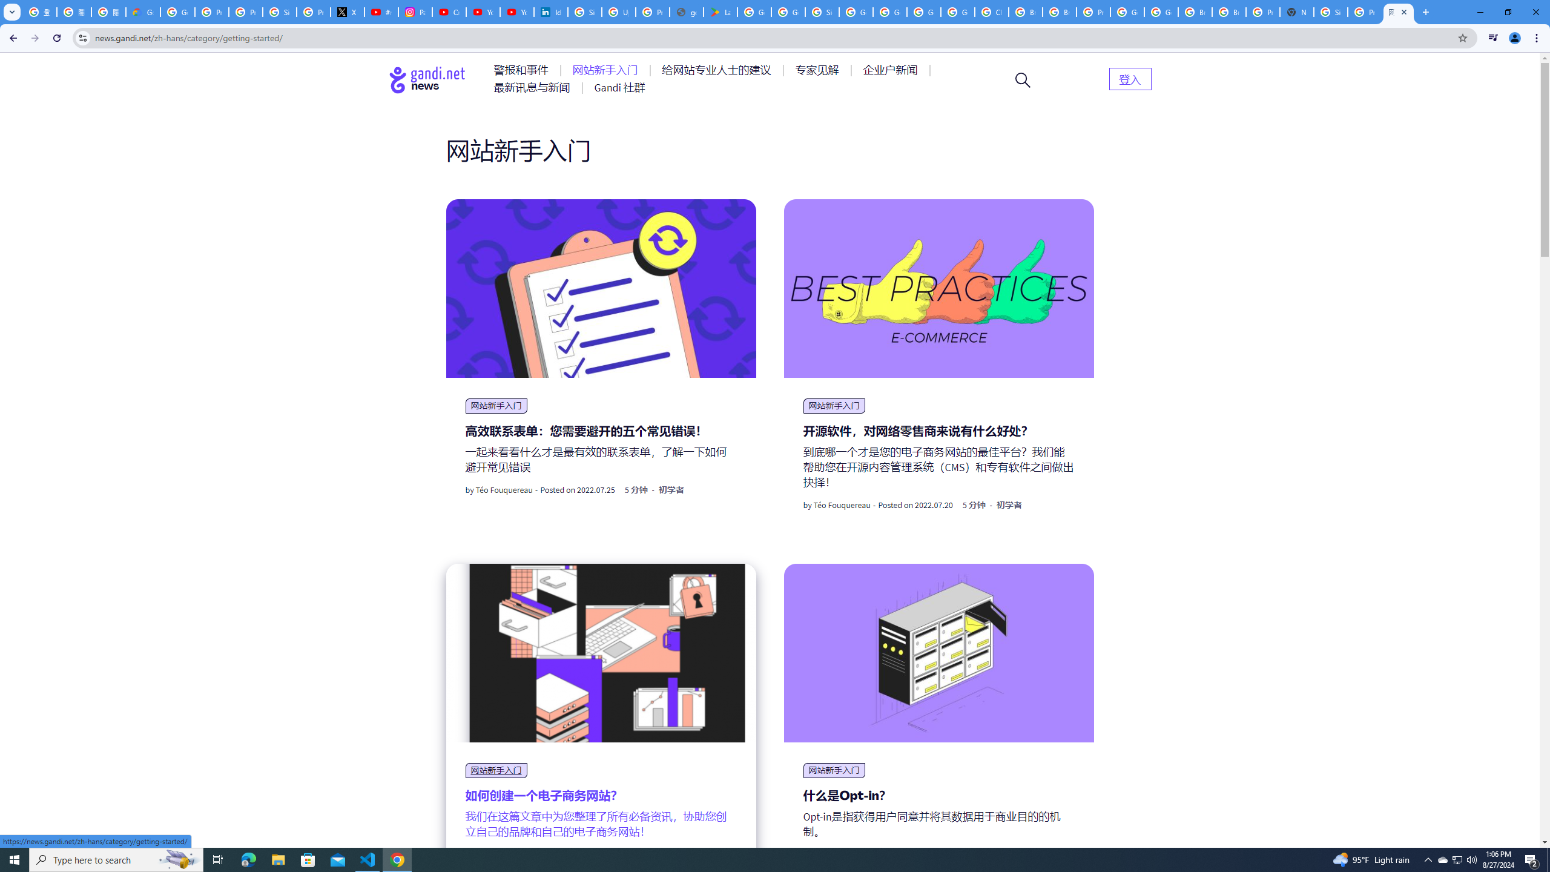 The image size is (1550, 872). Describe the element at coordinates (720, 12) in the screenshot. I see `'Last Shelter: Survival - Apps on Google Play'` at that location.